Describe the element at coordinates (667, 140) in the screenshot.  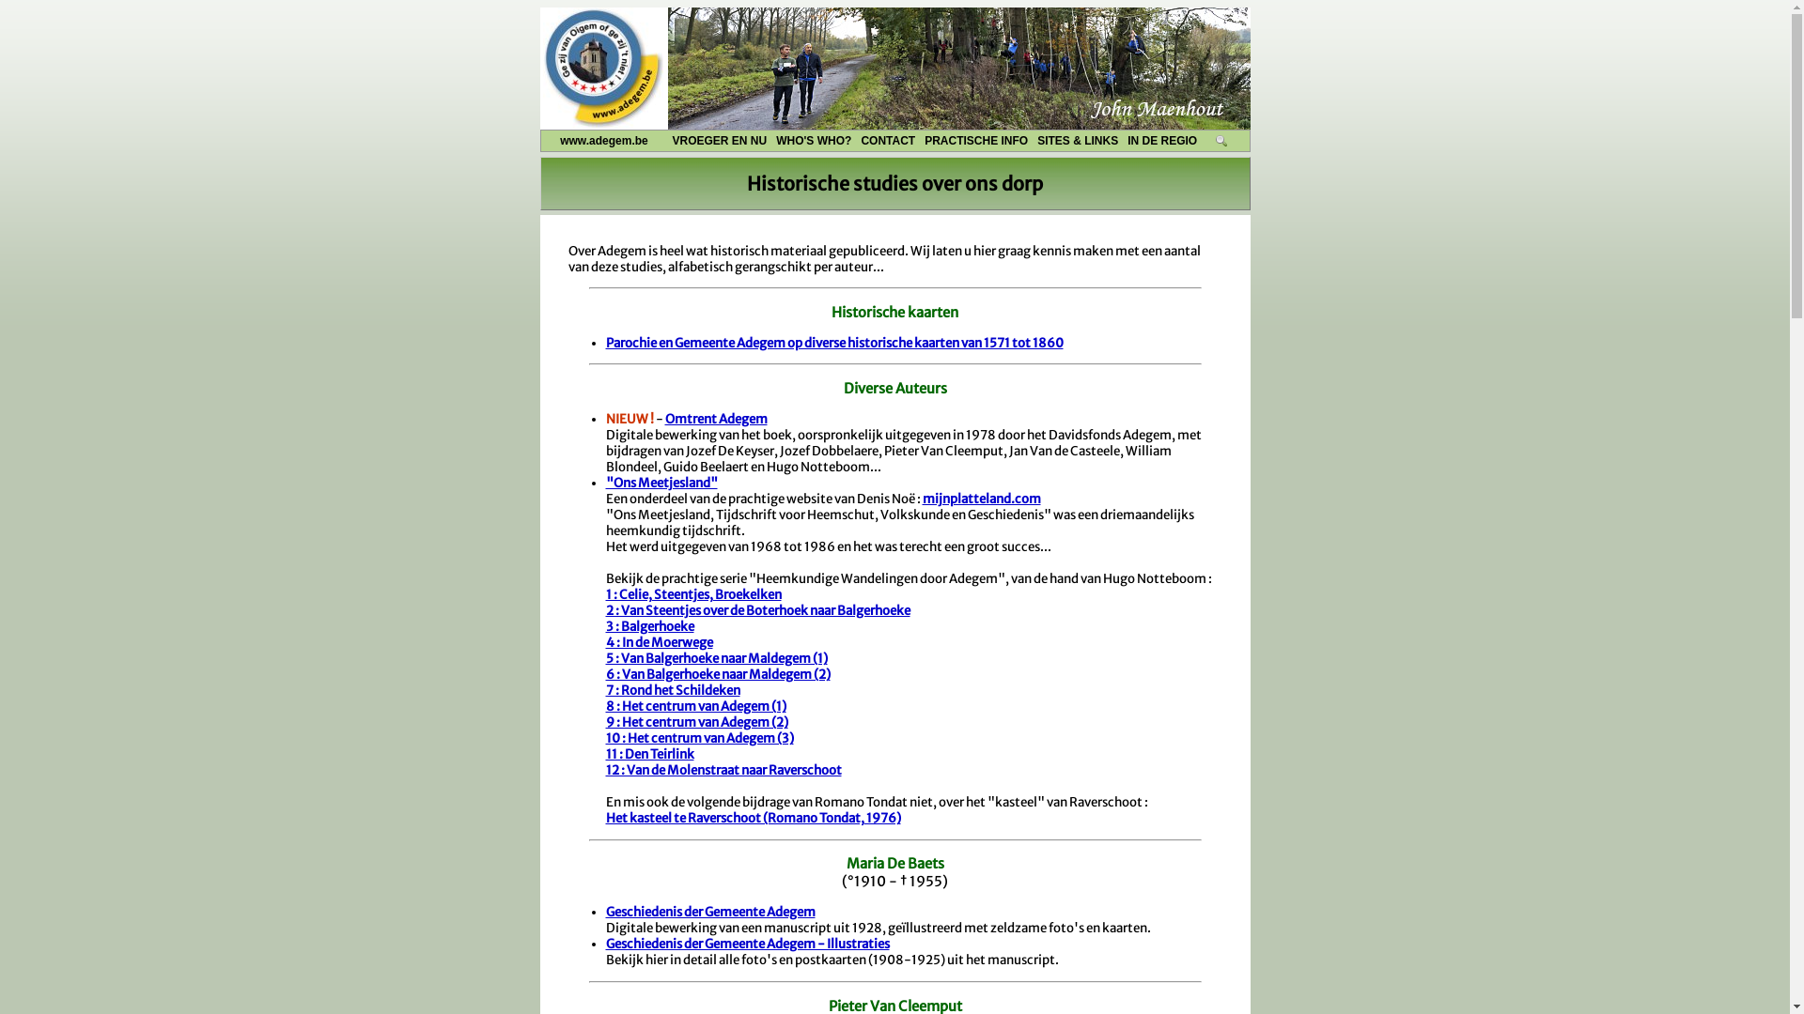
I see `'VROEGER EN NU'` at that location.